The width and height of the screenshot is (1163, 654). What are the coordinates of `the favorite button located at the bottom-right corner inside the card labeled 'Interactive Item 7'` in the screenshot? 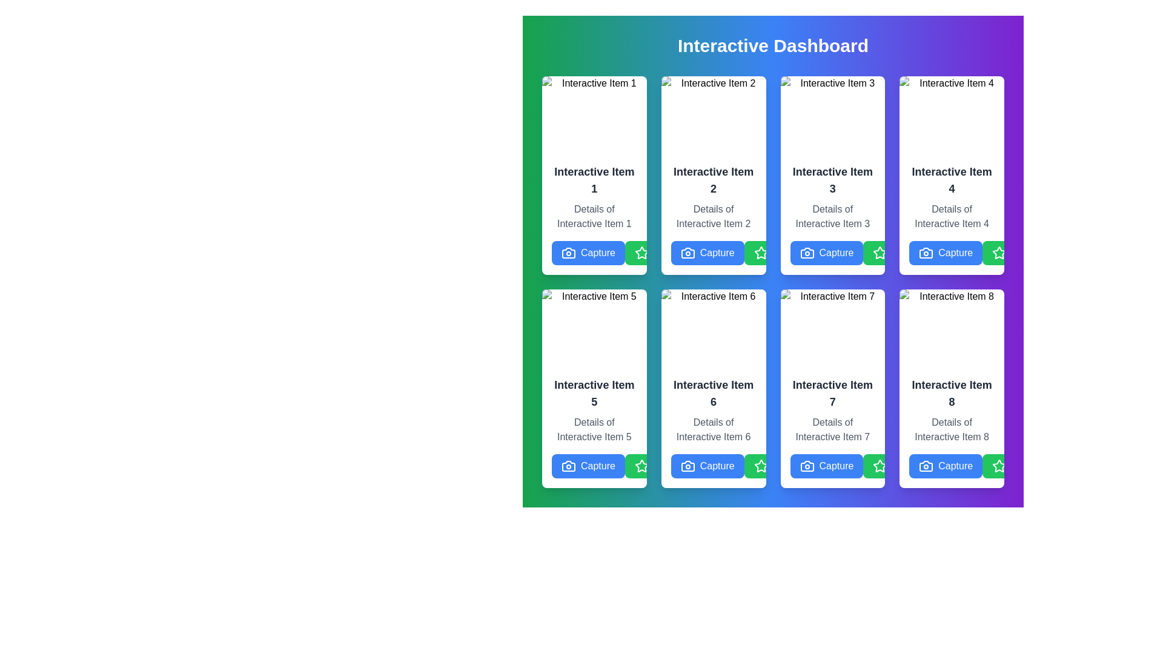 It's located at (880, 465).